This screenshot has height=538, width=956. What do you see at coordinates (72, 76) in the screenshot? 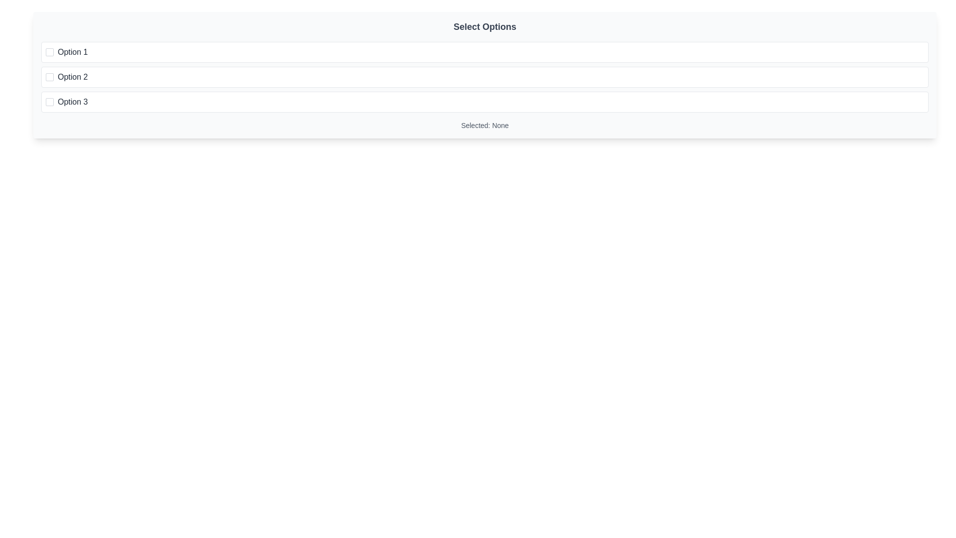
I see `text from the second selectable option text label located below 'Option 1' and above 'Option 3' in the central section of the interface` at bounding box center [72, 76].